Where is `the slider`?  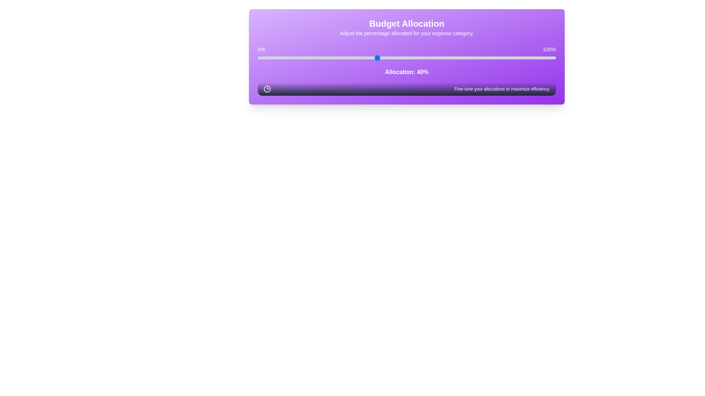
the slider is located at coordinates (264, 58).